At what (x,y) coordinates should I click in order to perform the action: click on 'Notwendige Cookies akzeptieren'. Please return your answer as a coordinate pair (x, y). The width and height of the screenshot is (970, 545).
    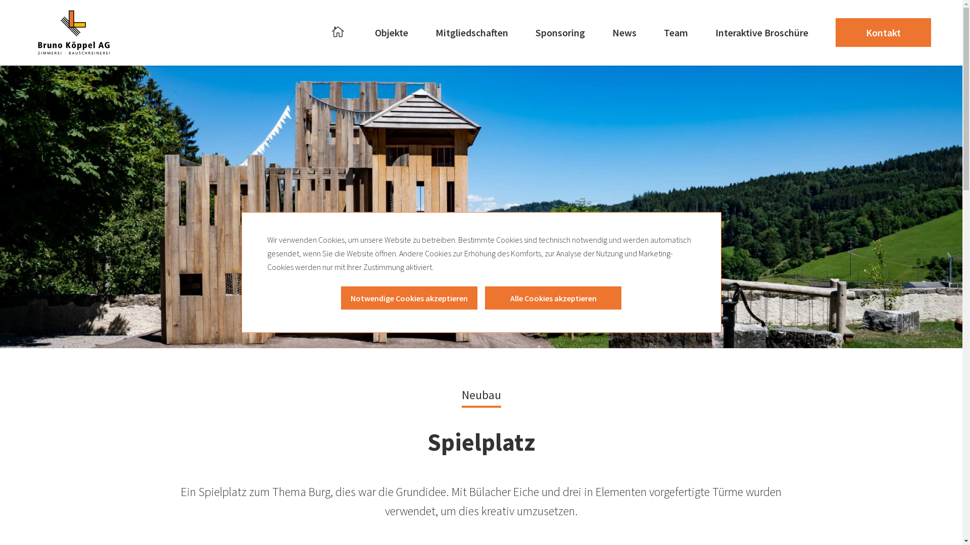
    Looking at the image, I should click on (409, 297).